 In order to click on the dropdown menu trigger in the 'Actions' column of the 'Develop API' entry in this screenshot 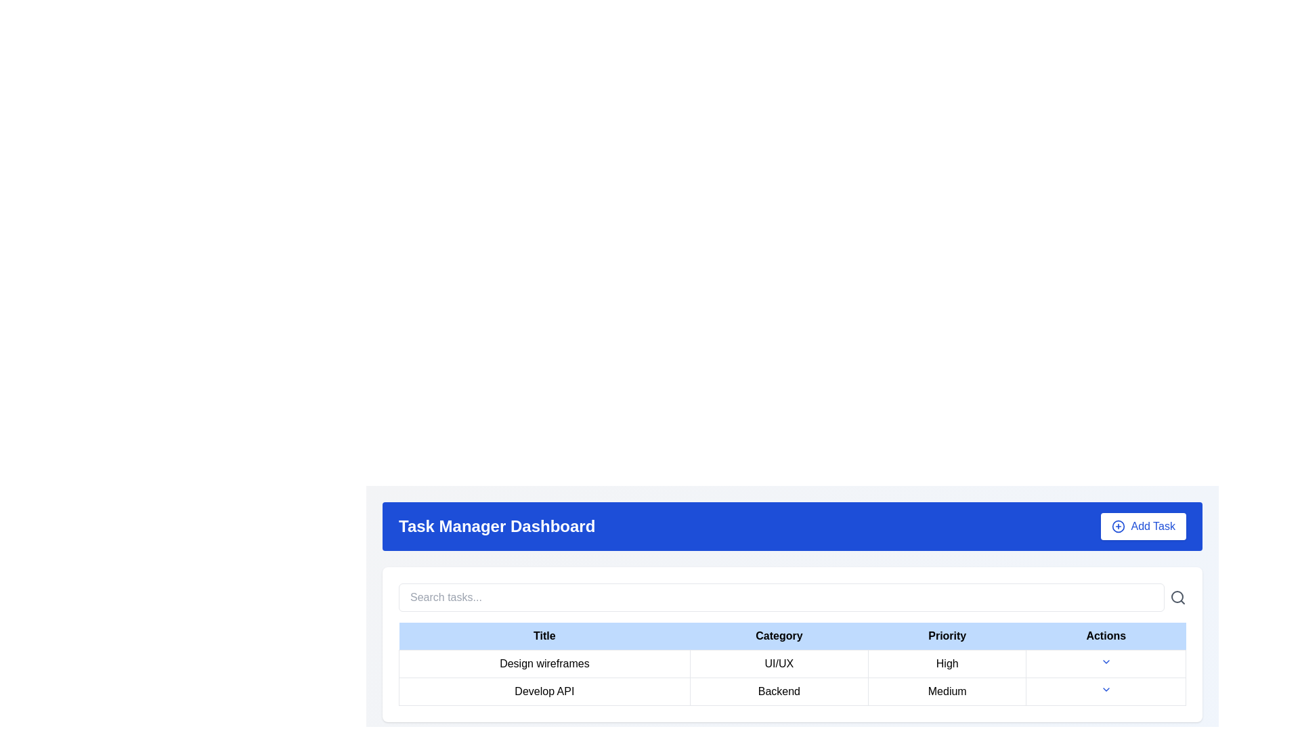, I will do `click(1106, 692)`.